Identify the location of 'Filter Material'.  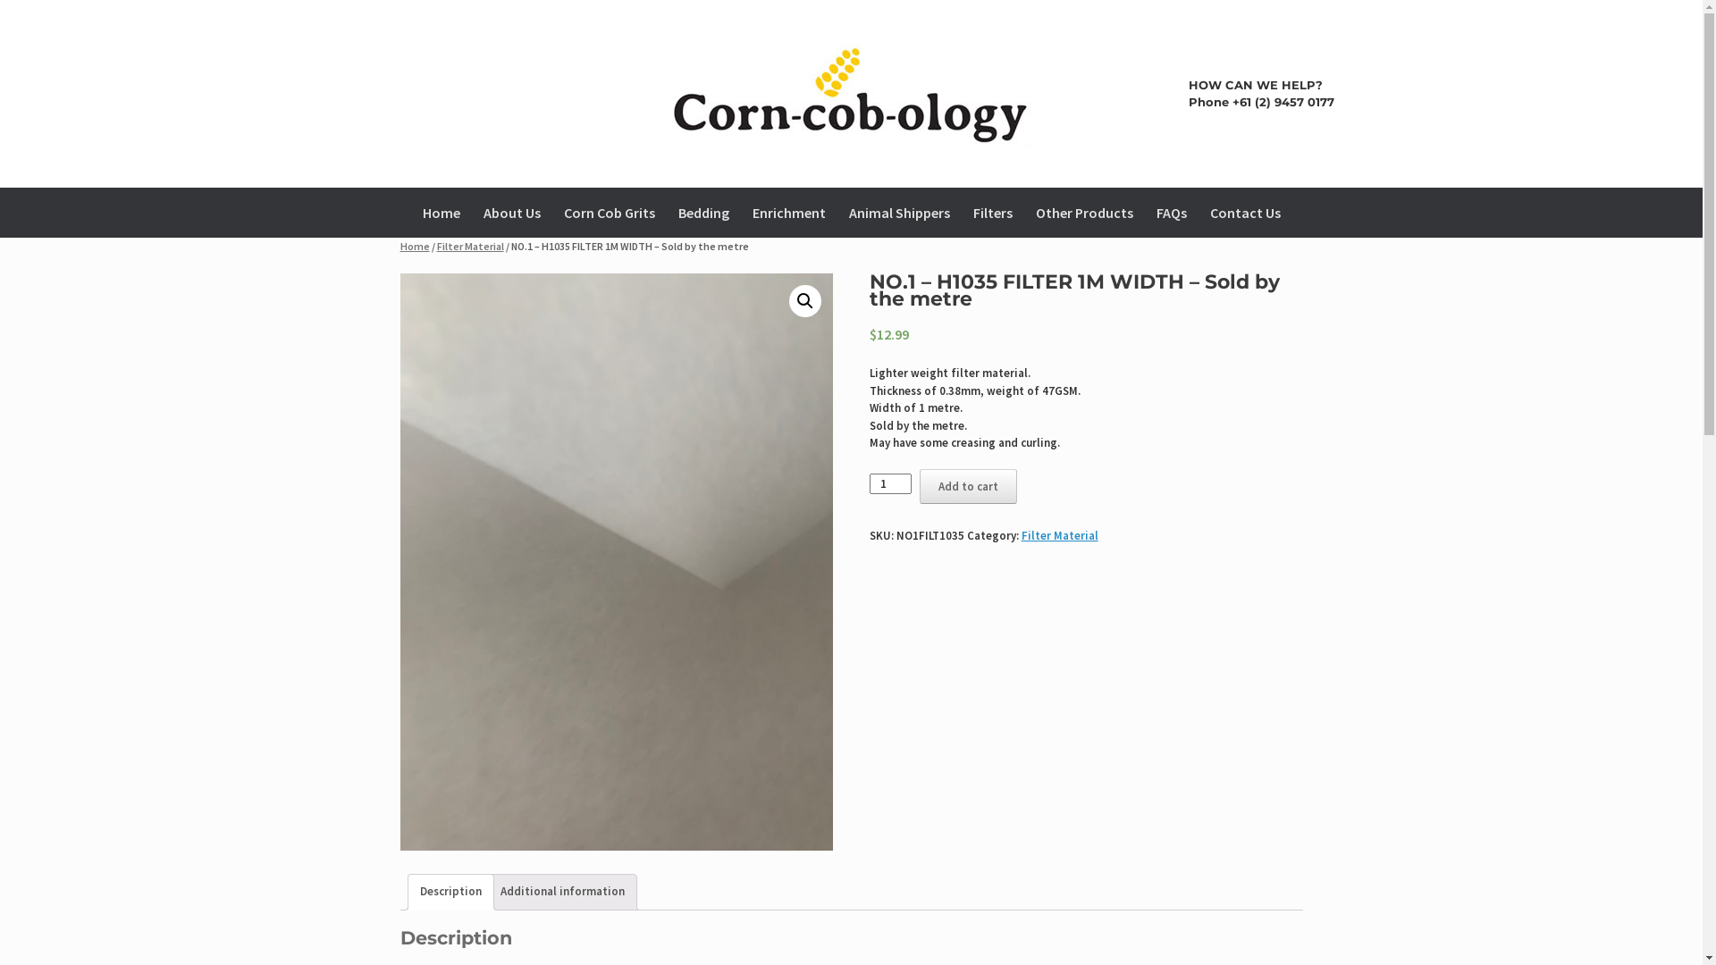
(1059, 534).